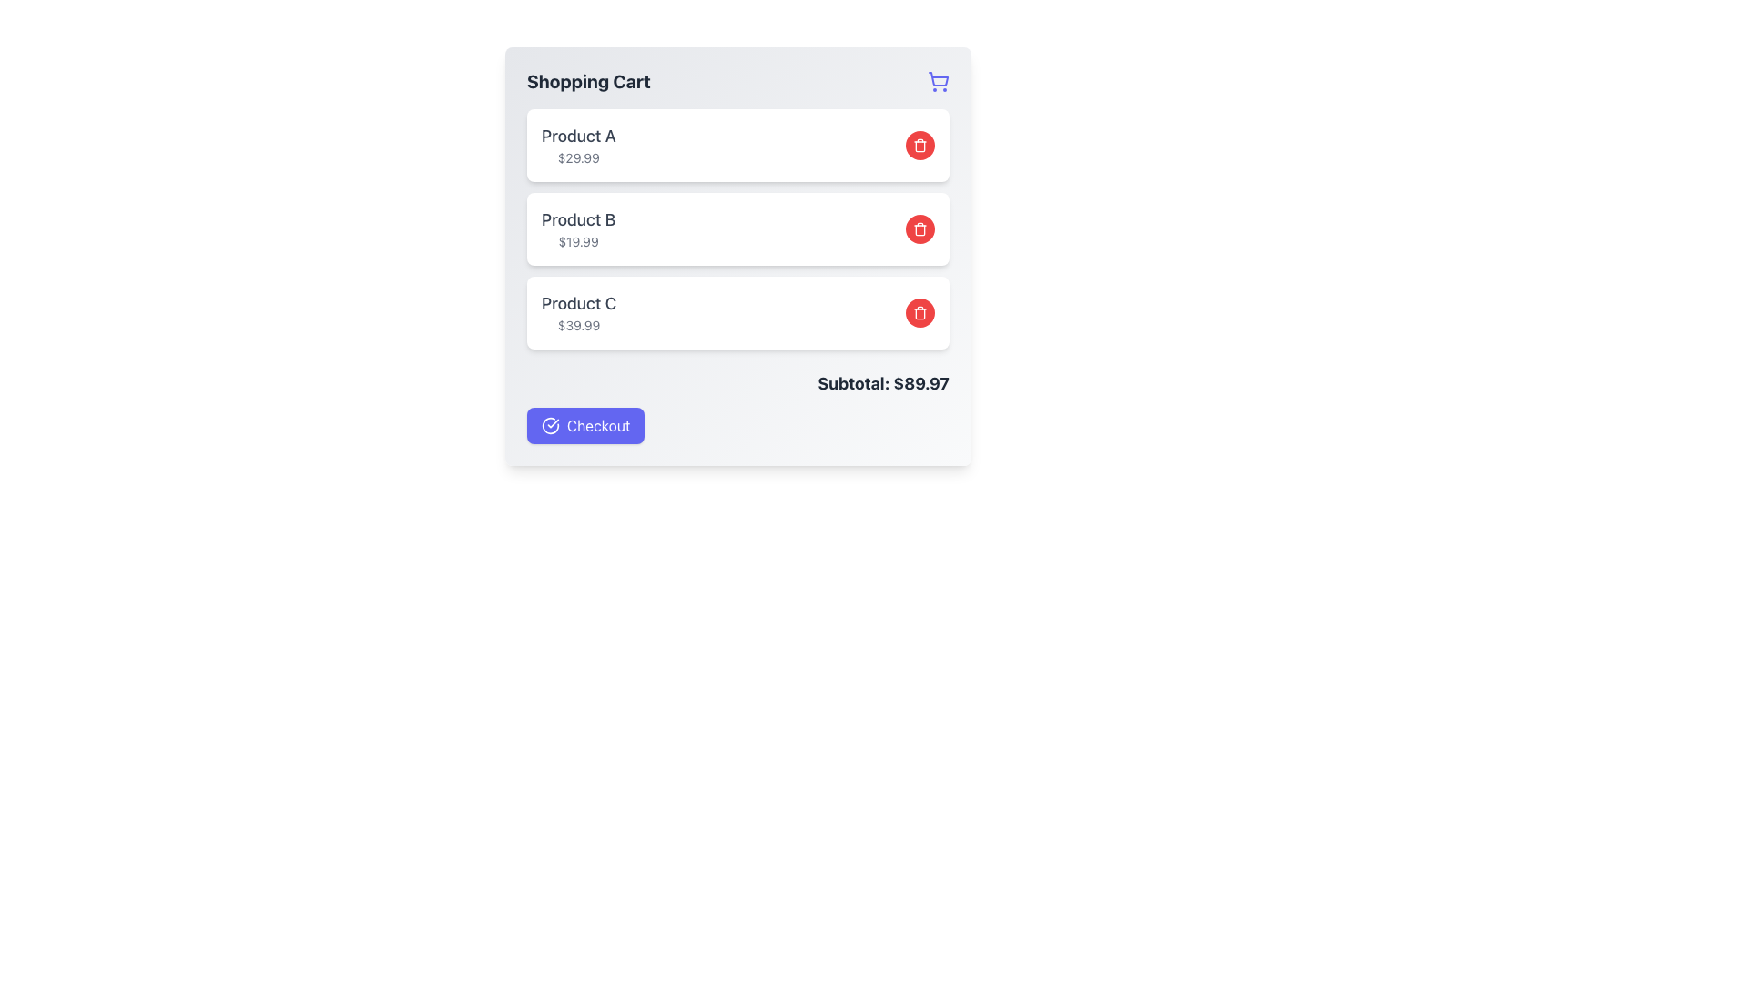 The image size is (1748, 983). What do you see at coordinates (577, 144) in the screenshot?
I see `the Text Content displaying the product name and price in the top section of the shopping cart's item list` at bounding box center [577, 144].